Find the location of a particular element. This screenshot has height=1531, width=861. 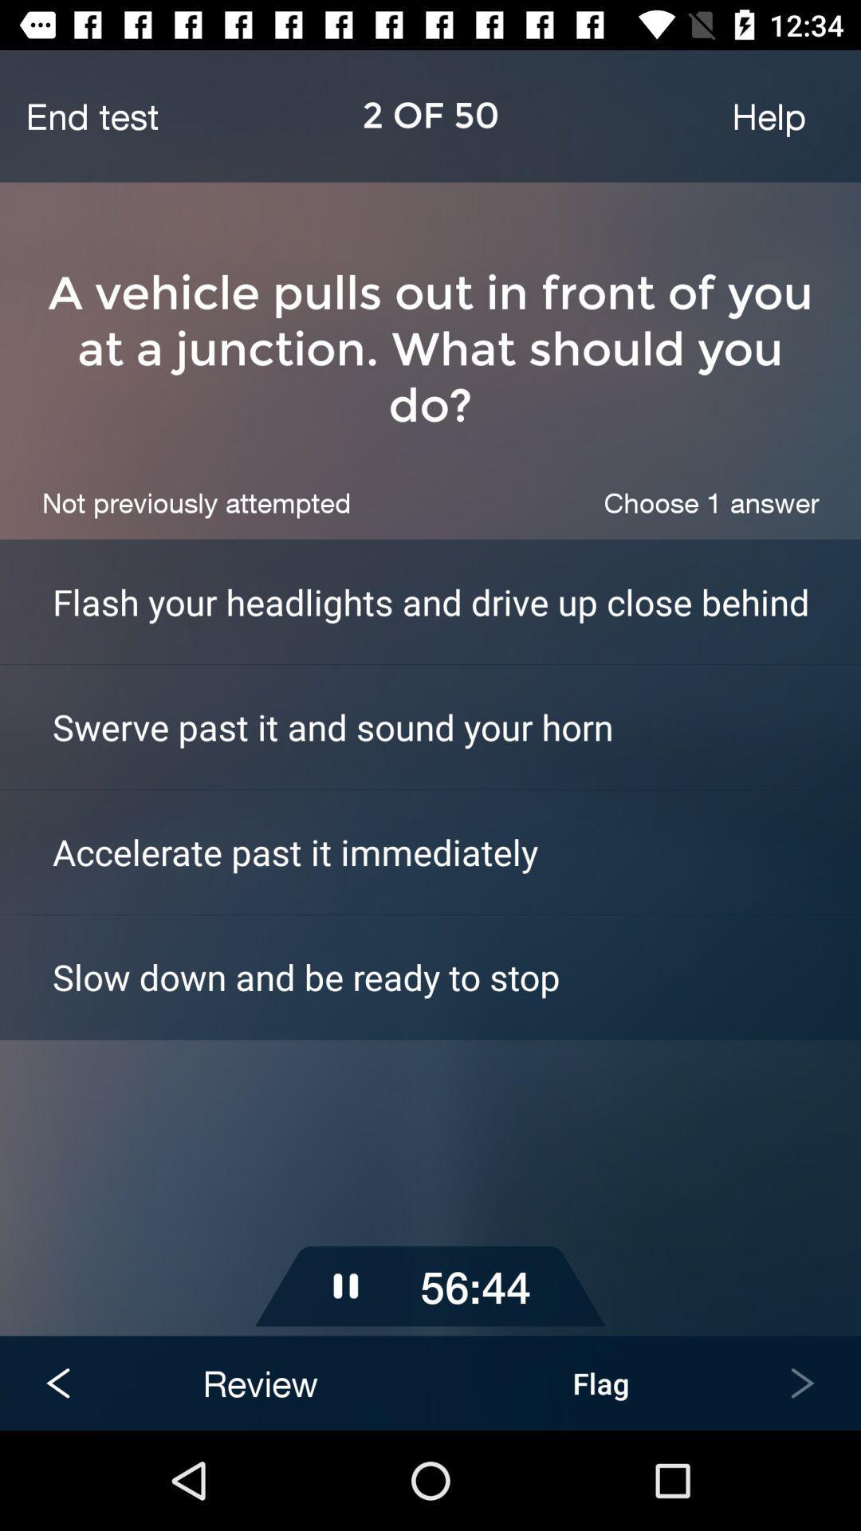

slow down and is located at coordinates (457, 976).